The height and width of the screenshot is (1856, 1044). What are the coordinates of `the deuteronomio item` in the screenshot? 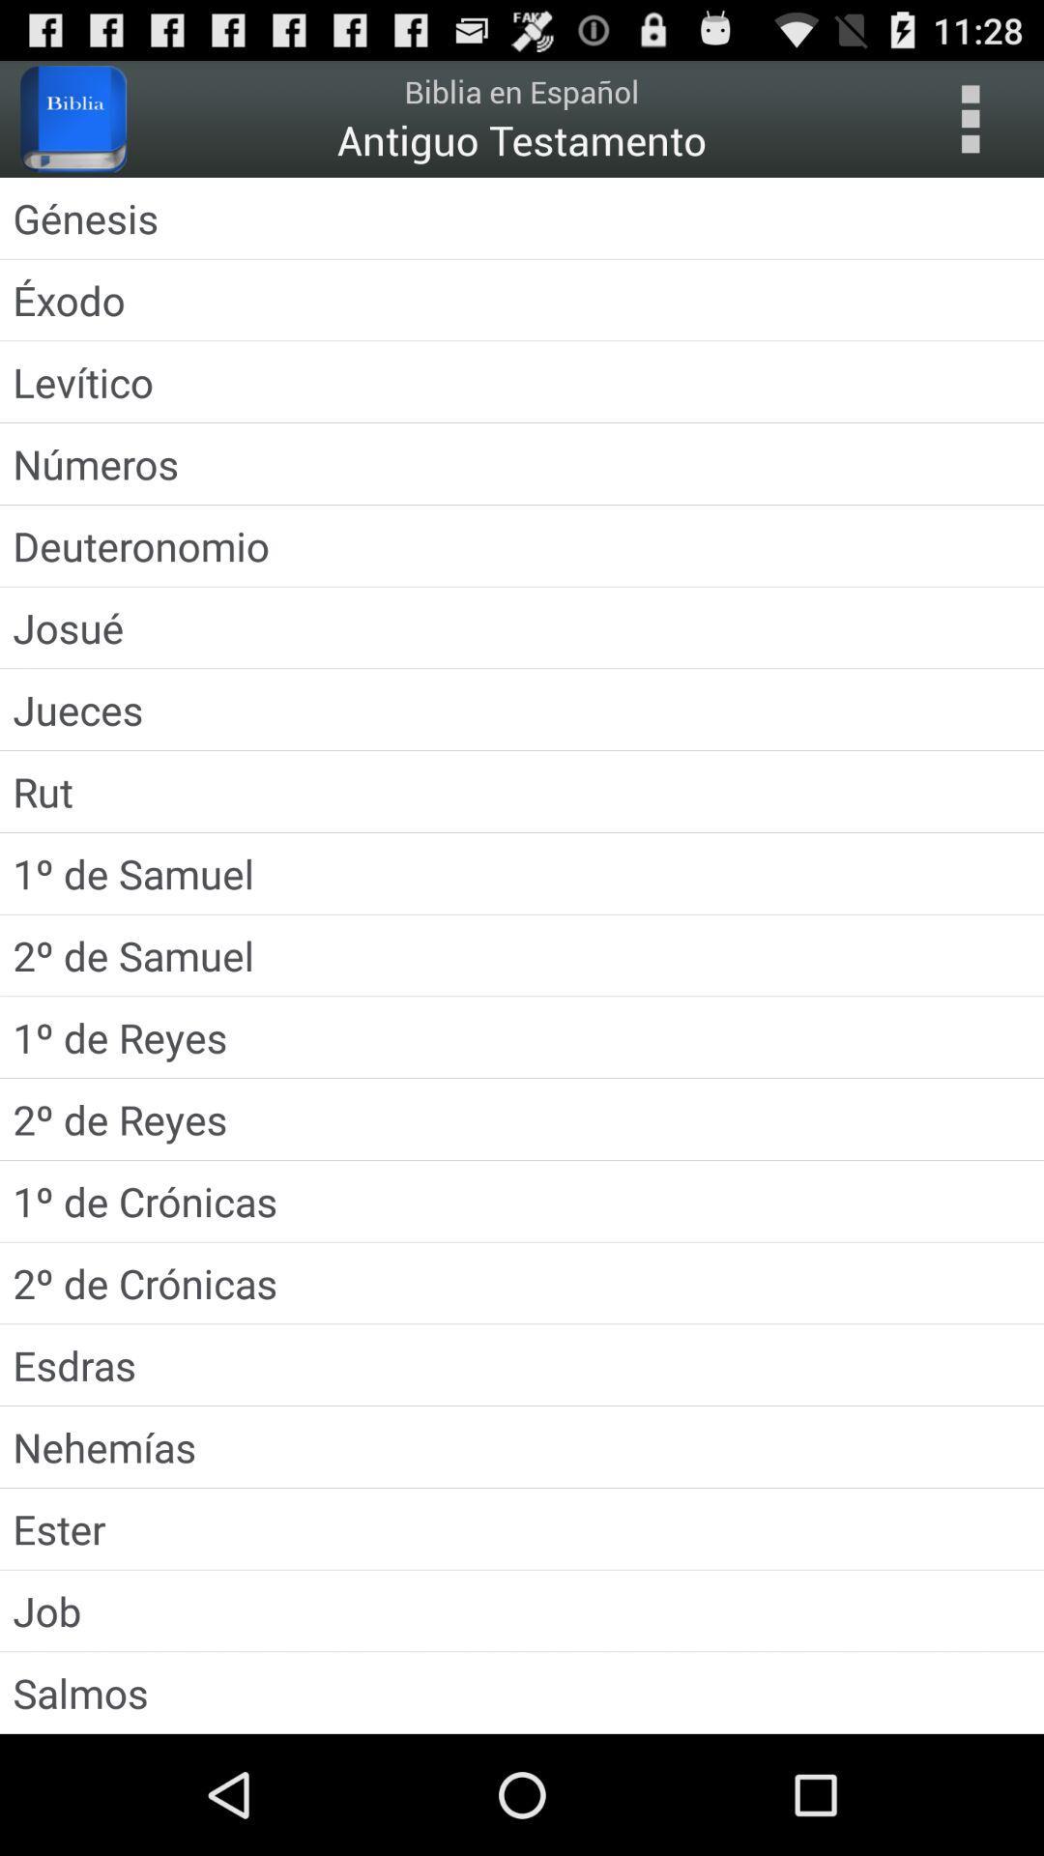 It's located at (522, 544).